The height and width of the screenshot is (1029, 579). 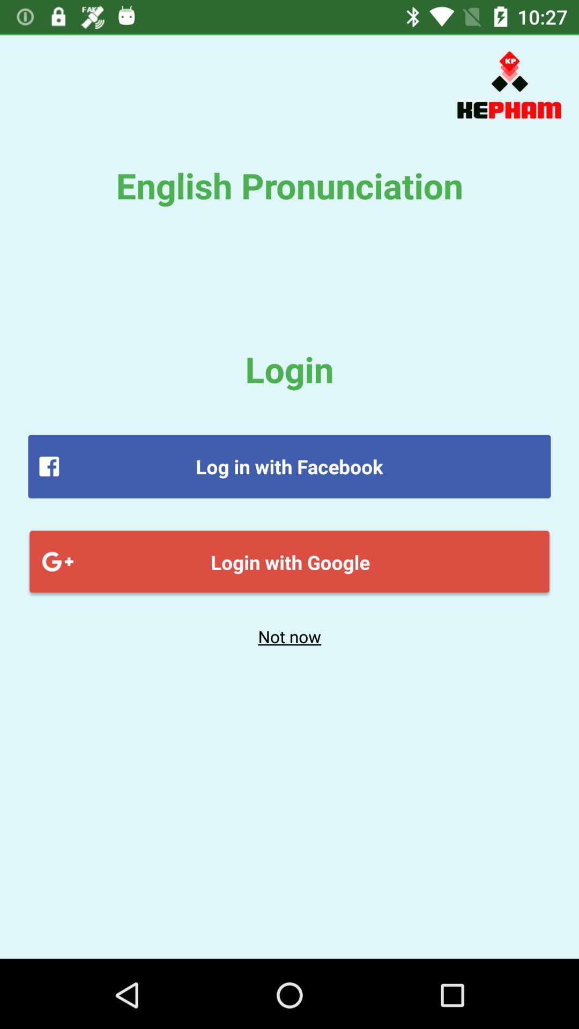 I want to click on the item below the log in with icon, so click(x=289, y=561).